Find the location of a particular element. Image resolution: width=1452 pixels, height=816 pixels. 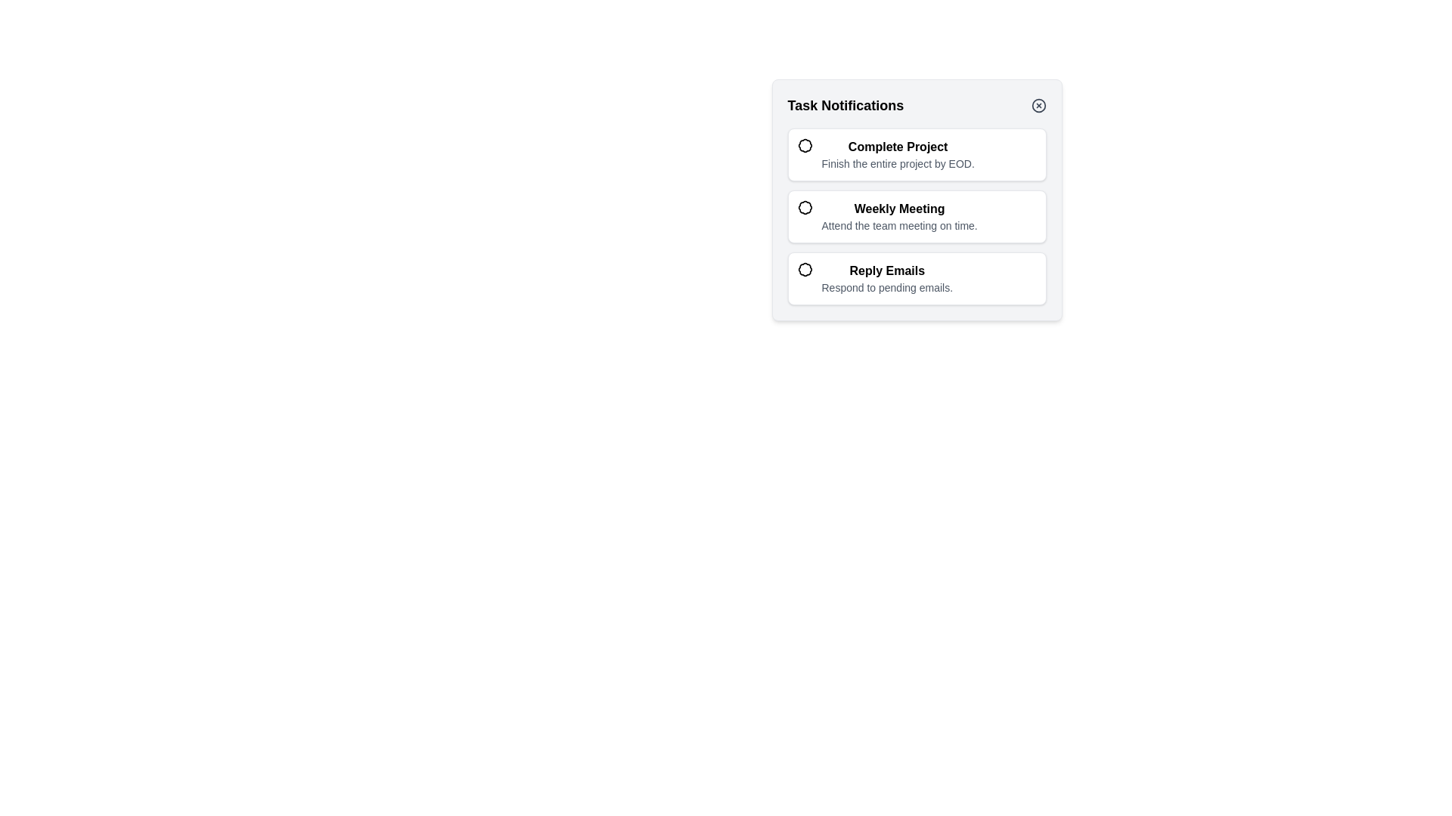

the circular badge icon located to the left of the 'Complete Project' text in the task notification card is located at coordinates (804, 145).